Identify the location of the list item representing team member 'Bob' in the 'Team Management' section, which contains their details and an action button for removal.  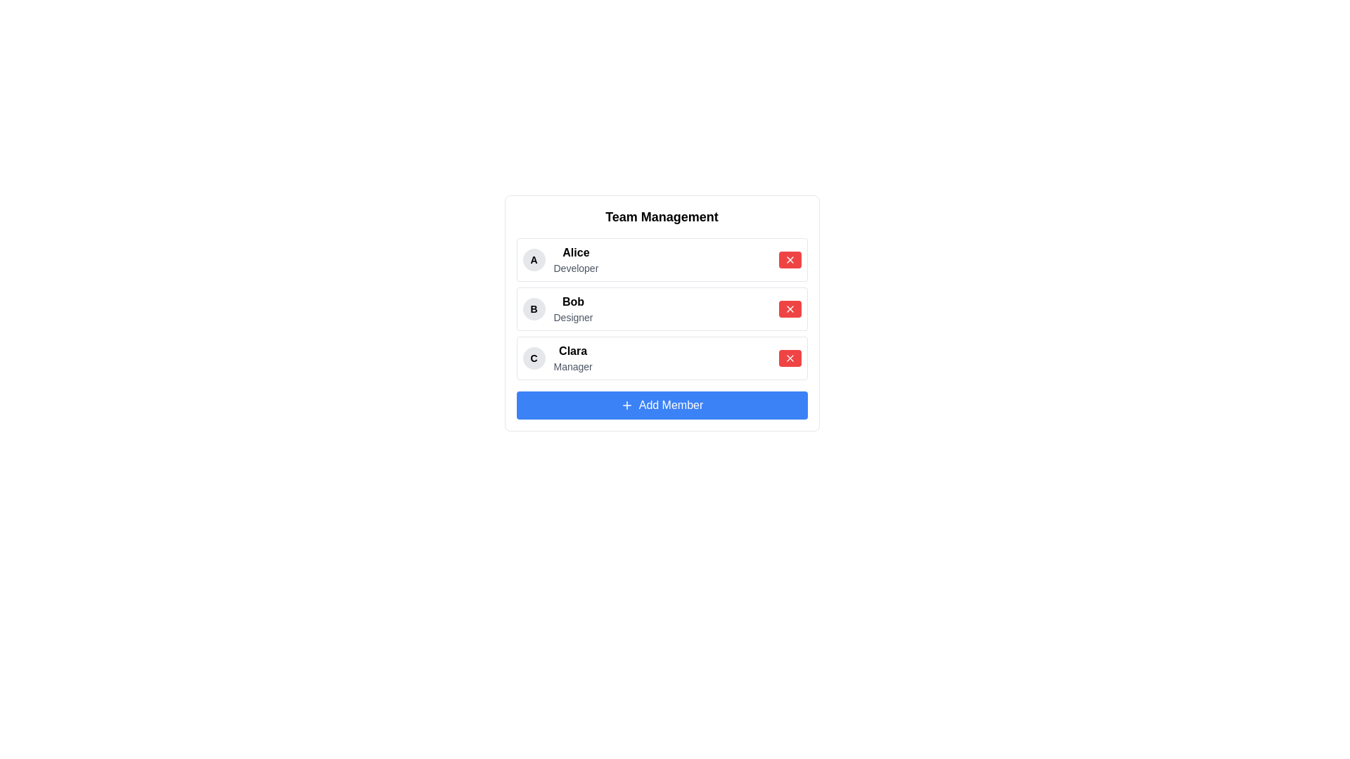
(661, 308).